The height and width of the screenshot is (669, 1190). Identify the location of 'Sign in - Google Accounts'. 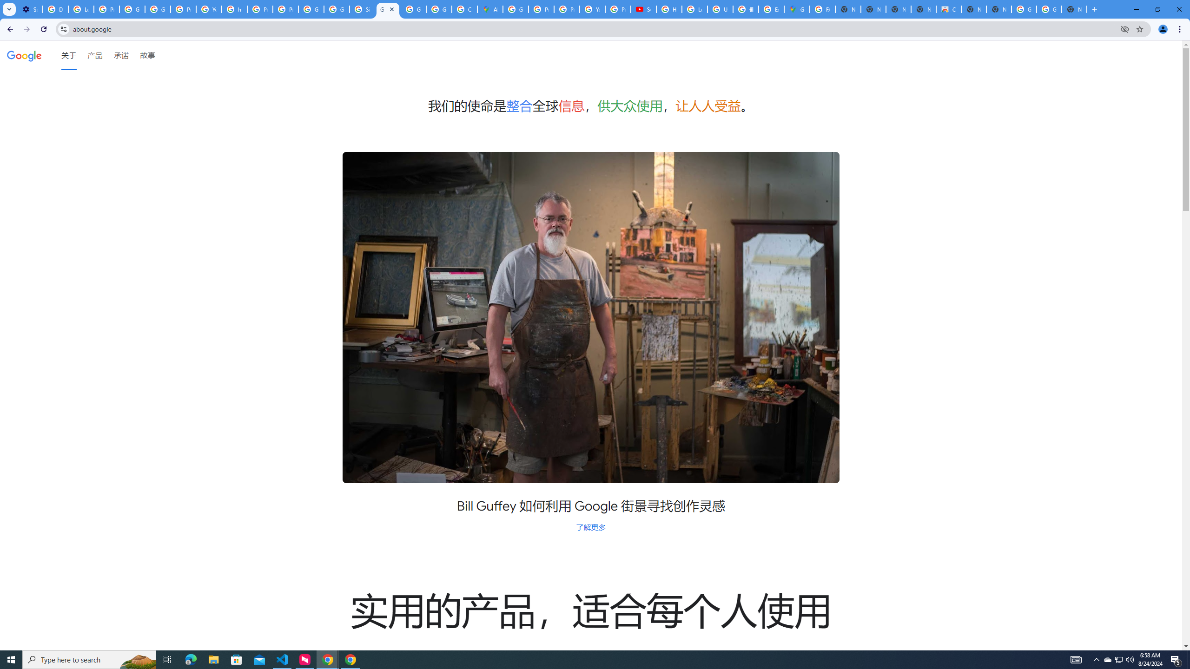
(362, 9).